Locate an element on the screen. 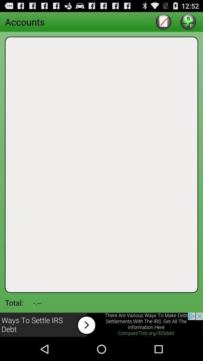  the edit icon is located at coordinates (163, 23).